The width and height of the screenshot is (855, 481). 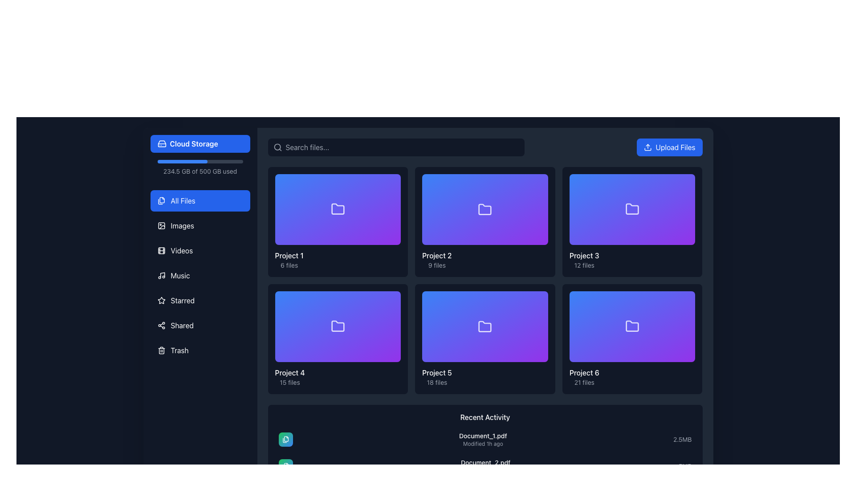 I want to click on the 'Starred' text label in the left sidebar menu, which is displayed in white sans-serif font and is visually accompanied by a star icon, so click(x=182, y=301).